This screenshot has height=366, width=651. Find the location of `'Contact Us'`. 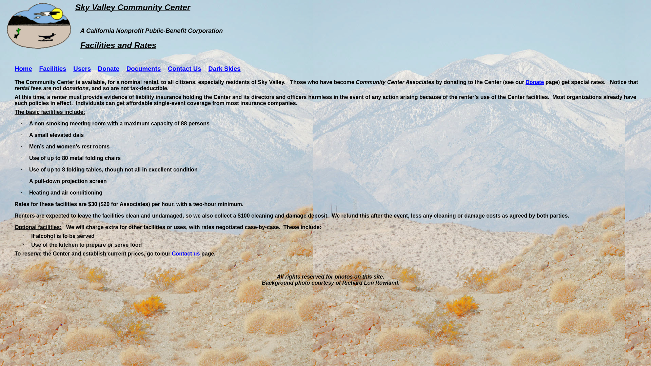

'Contact Us' is located at coordinates (167, 68).